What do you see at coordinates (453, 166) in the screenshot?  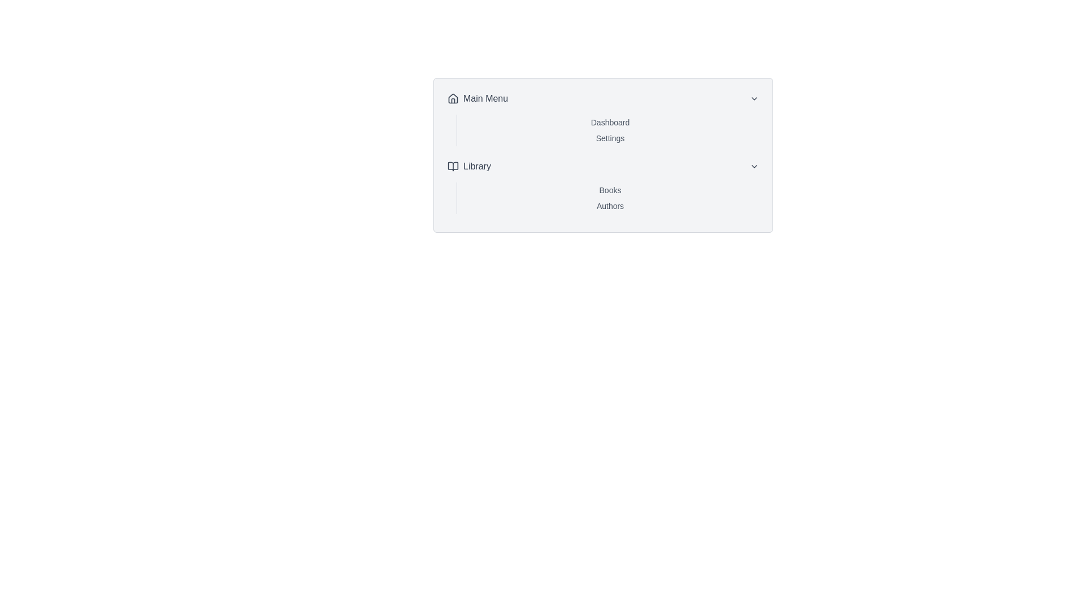 I see `the right part of the open book icon located next to the 'Library' text label in the left-side menu for interaction` at bounding box center [453, 166].